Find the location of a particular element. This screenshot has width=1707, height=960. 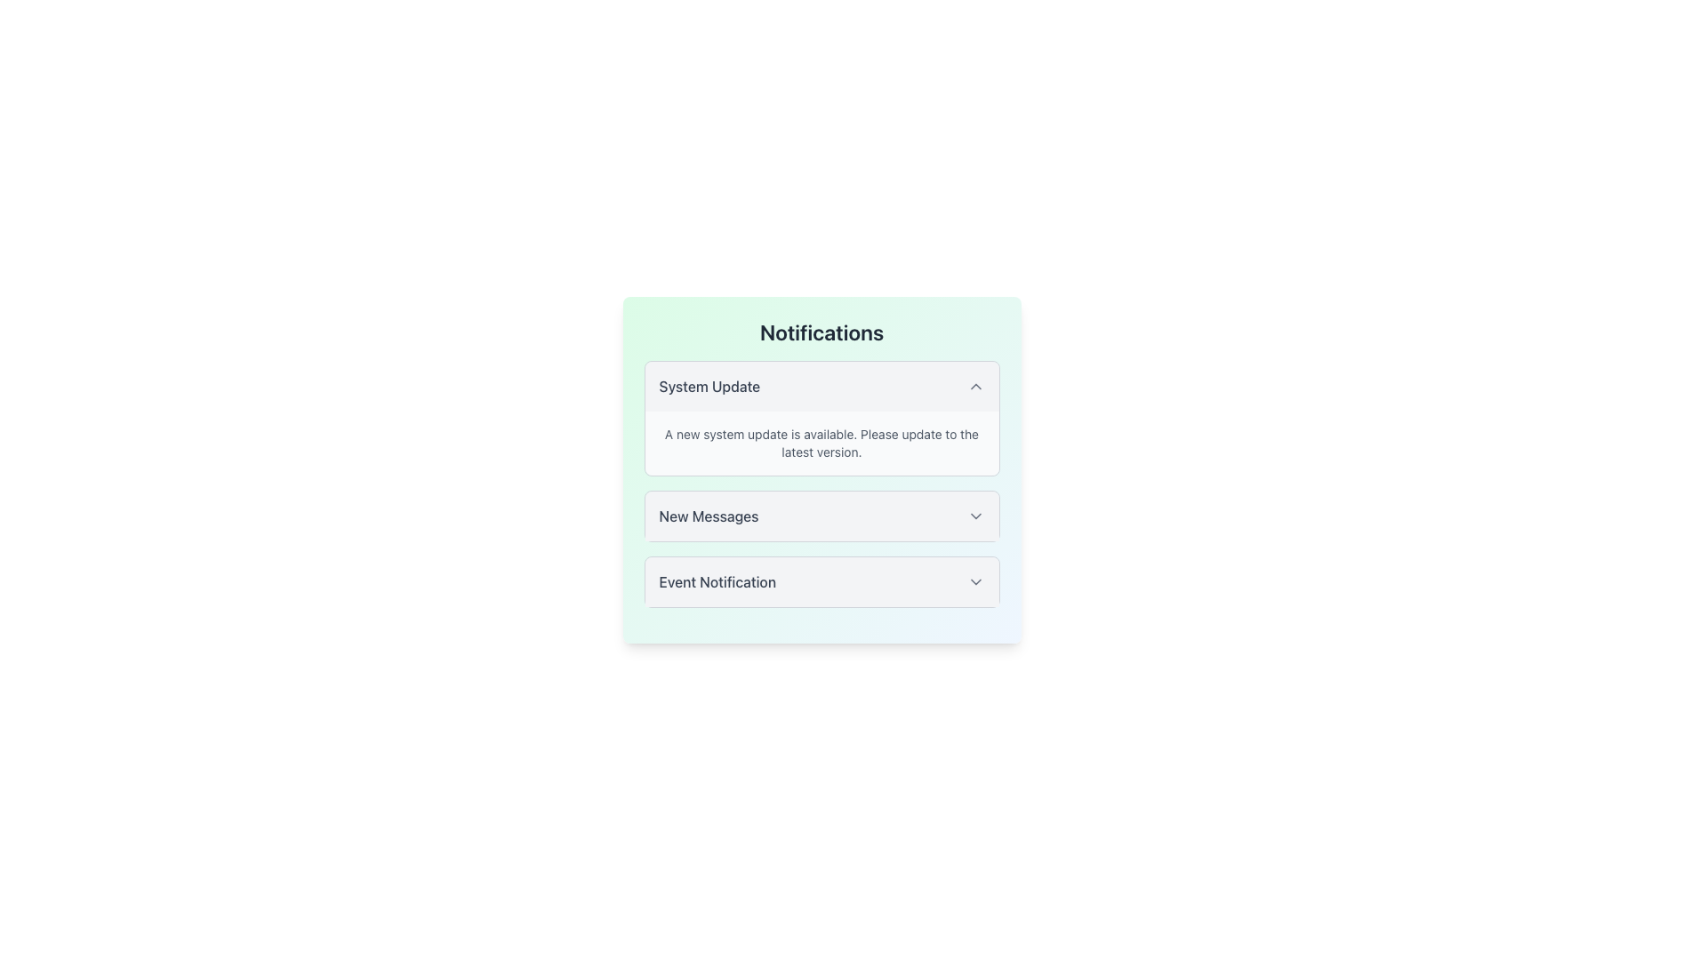

the text area displaying the message 'A new system update is available. Please update to the latest version.' which has a light gray background and rounded bottom corners, located beneath the 'System Update' header is located at coordinates (821, 442).